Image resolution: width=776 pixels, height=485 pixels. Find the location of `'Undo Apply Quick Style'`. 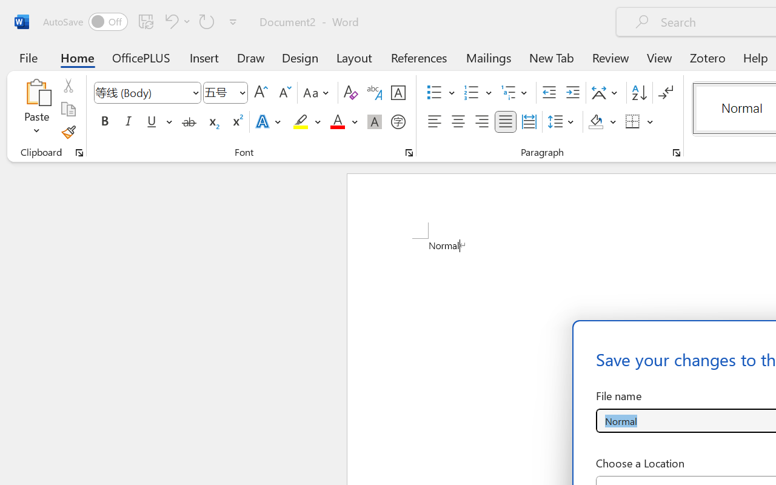

'Undo Apply Quick Style' is located at coordinates (175, 21).